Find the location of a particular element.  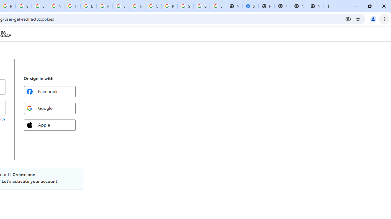

'Google Ads - Sign in' is located at coordinates (153, 6).